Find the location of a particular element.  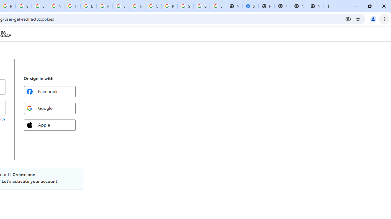

'Google Ads - Sign in' is located at coordinates (153, 6).